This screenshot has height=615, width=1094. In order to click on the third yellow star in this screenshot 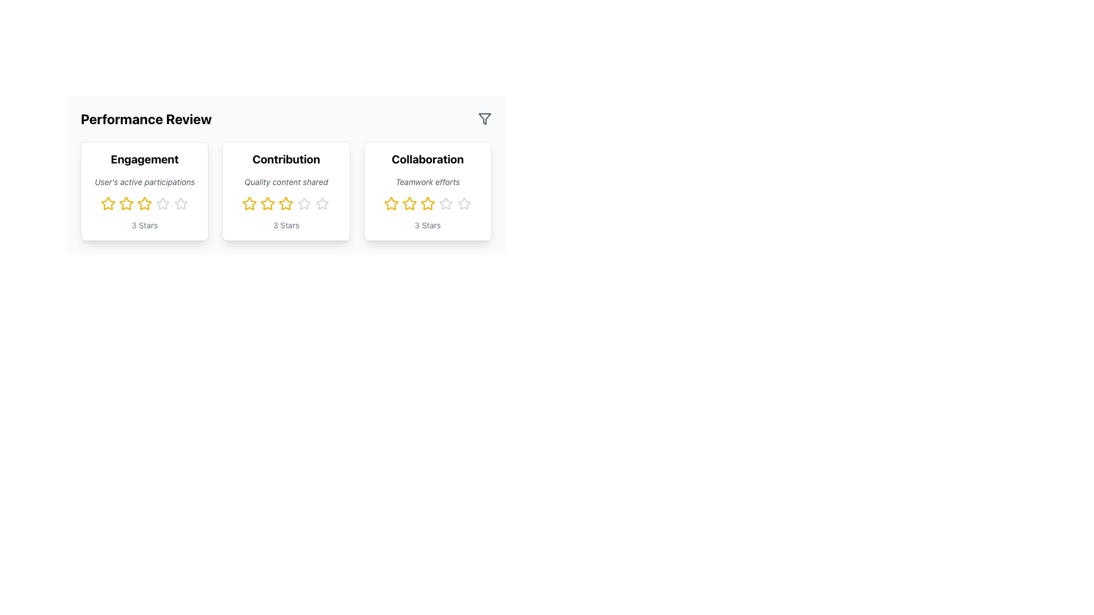, I will do `click(267, 203)`.